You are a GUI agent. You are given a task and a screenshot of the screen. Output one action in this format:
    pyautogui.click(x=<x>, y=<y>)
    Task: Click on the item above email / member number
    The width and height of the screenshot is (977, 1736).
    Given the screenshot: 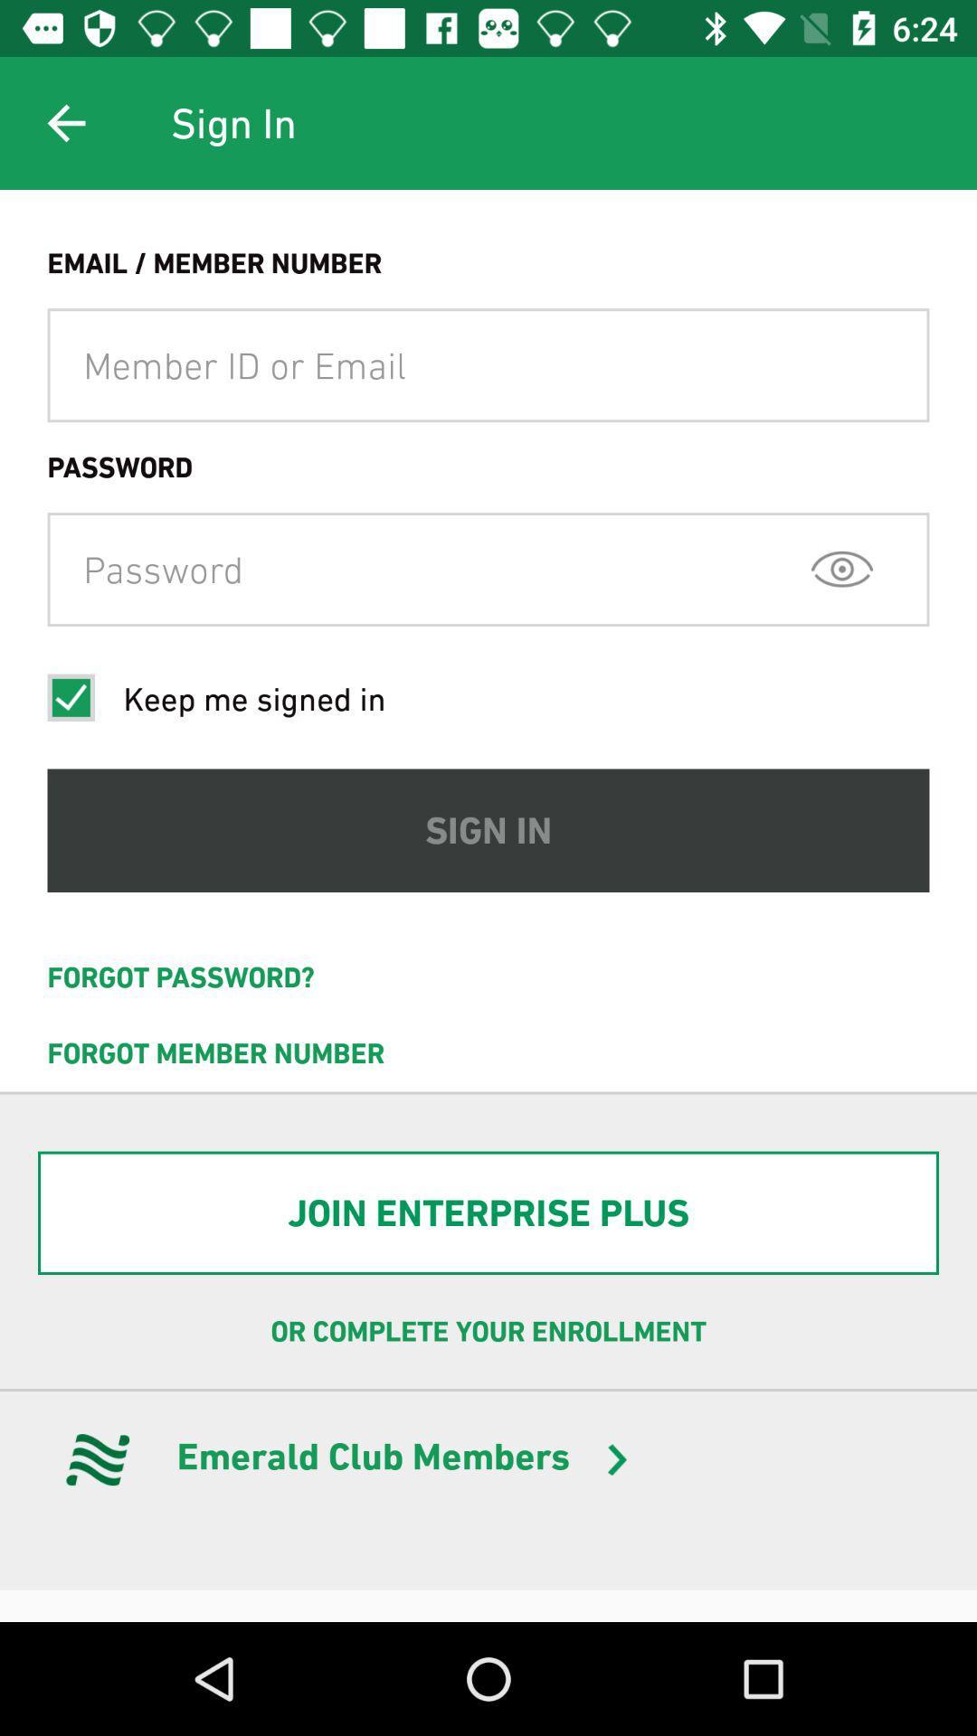 What is the action you would take?
    pyautogui.click(x=65, y=122)
    